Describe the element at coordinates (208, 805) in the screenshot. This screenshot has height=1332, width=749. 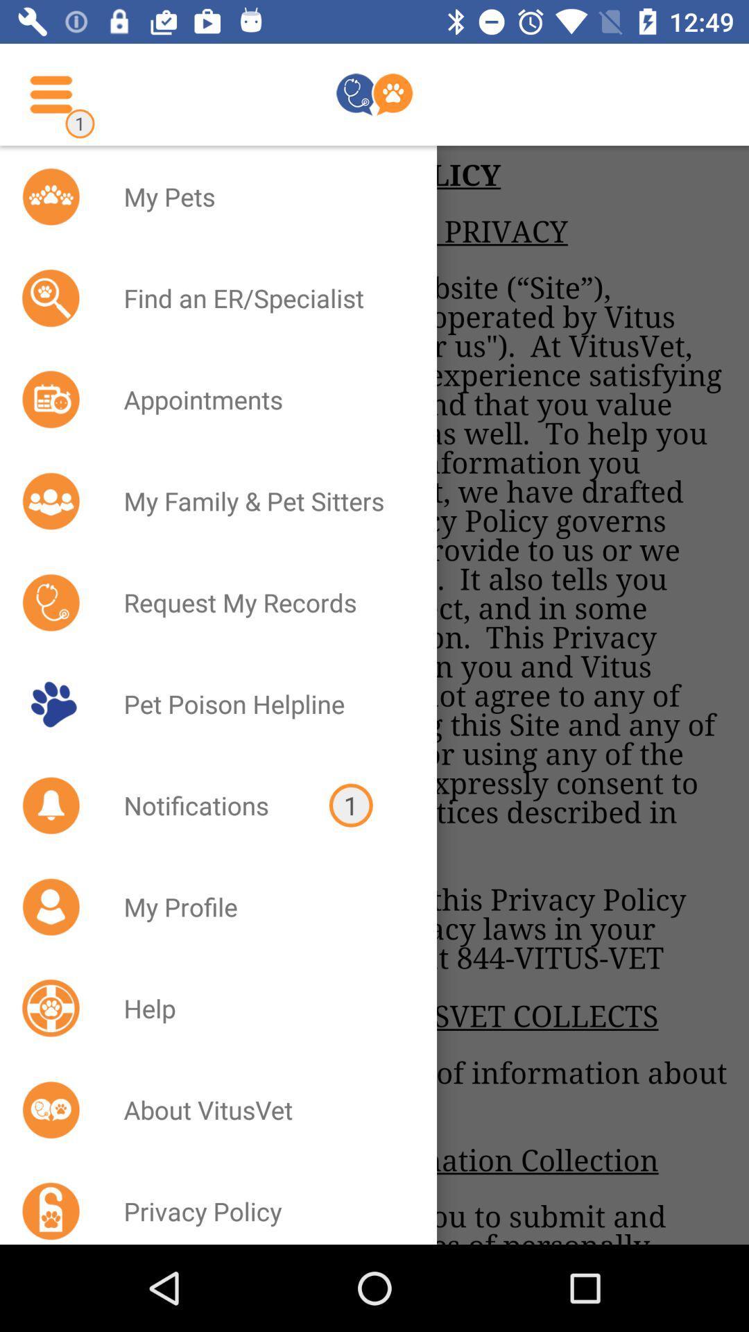
I see `notifications item` at that location.